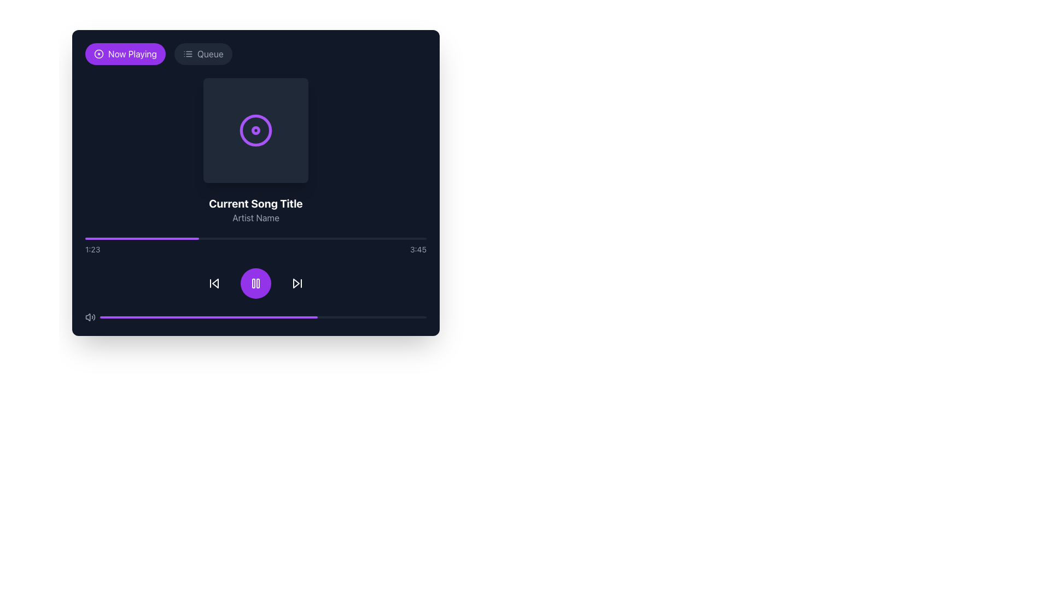  I want to click on the playback progress, so click(323, 238).